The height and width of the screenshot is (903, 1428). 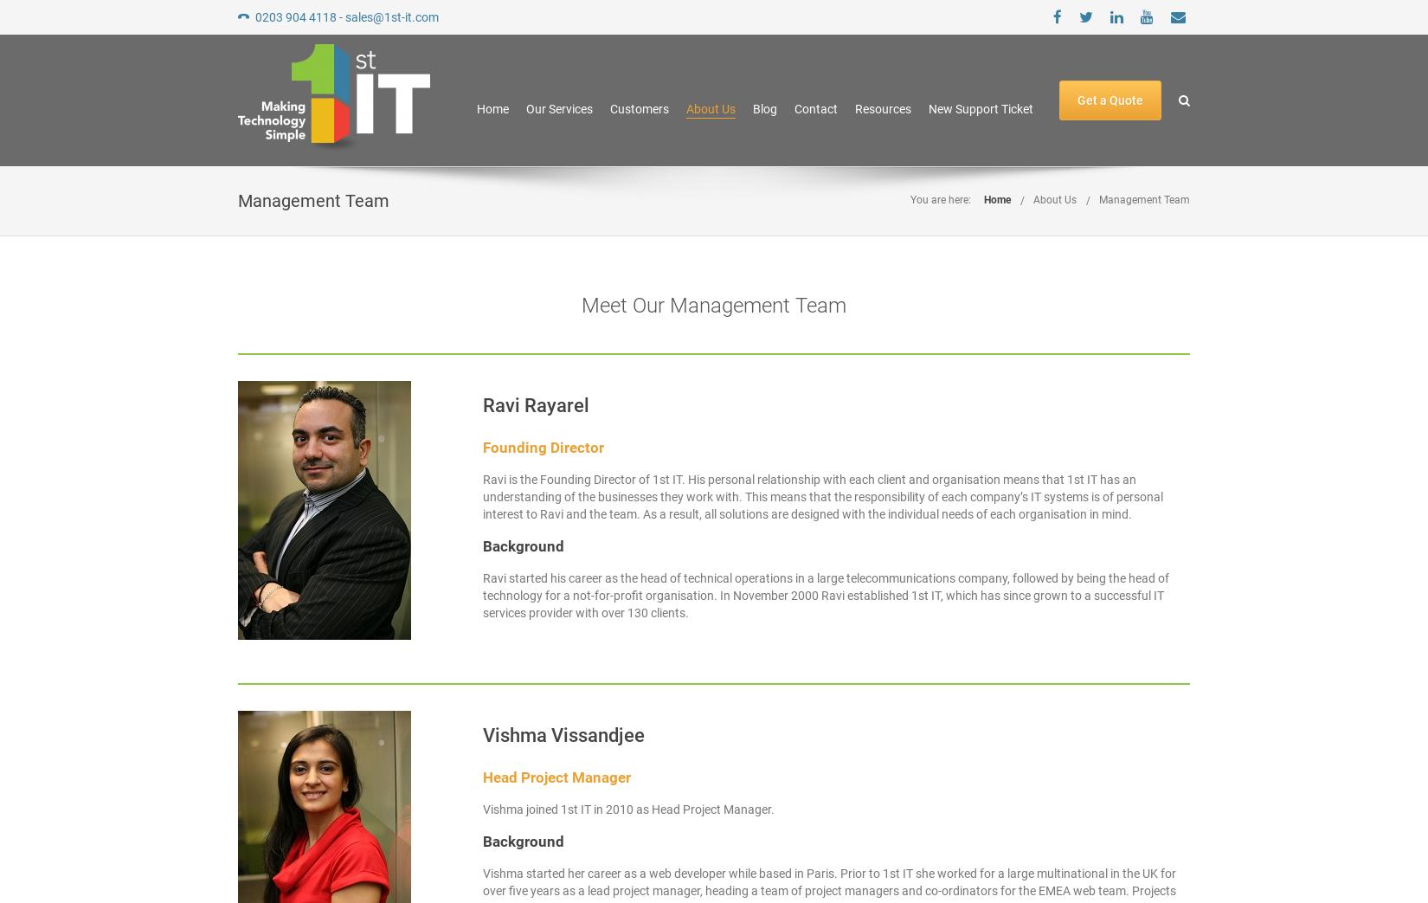 I want to click on 'Home', so click(x=475, y=108).